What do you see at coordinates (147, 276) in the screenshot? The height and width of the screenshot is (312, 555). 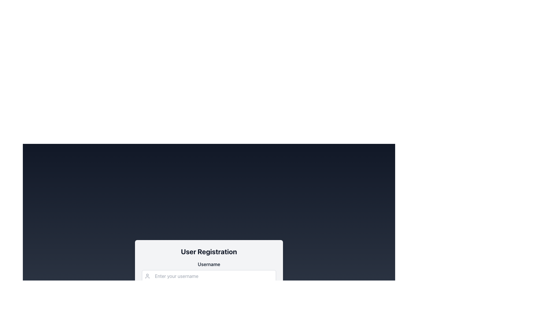 I see `the icon located to the left of the username text input field in the User Registration section` at bounding box center [147, 276].